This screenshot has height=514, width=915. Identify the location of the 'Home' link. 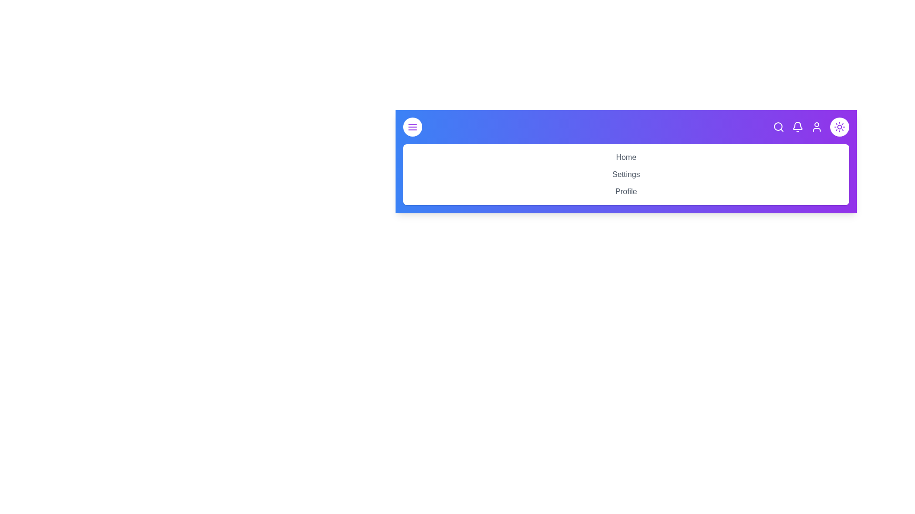
(626, 157).